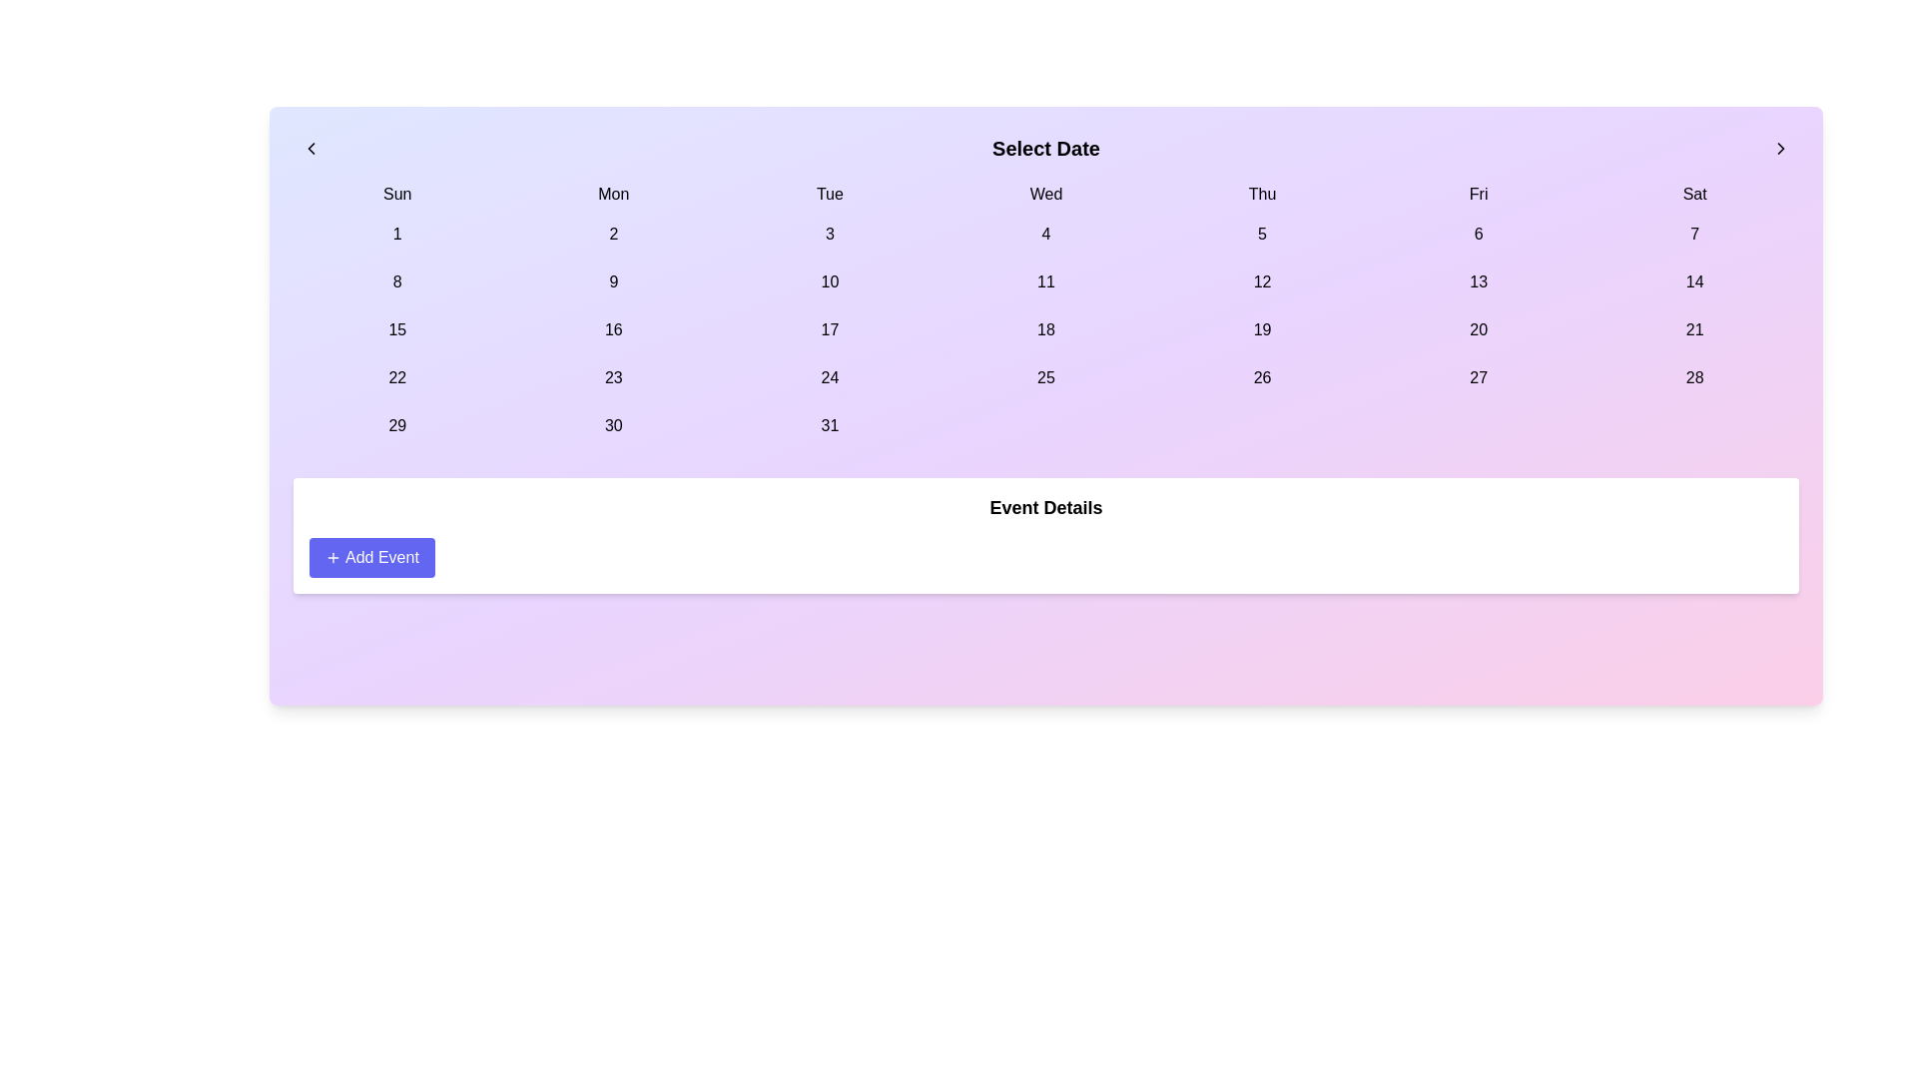  I want to click on the date selection button representing '6' in the calendar interface, located under the header 'Fri', so click(1479, 234).